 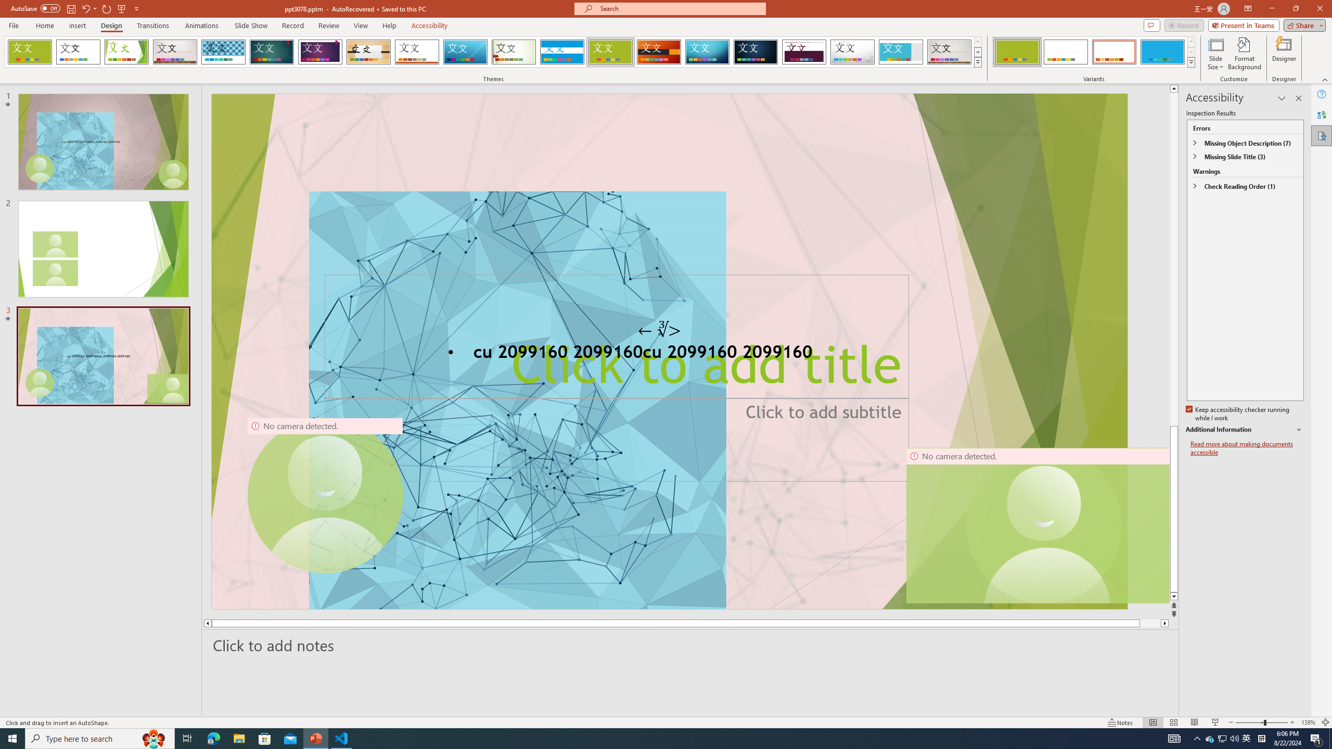 What do you see at coordinates (1215, 54) in the screenshot?
I see `'Slide Size'` at bounding box center [1215, 54].